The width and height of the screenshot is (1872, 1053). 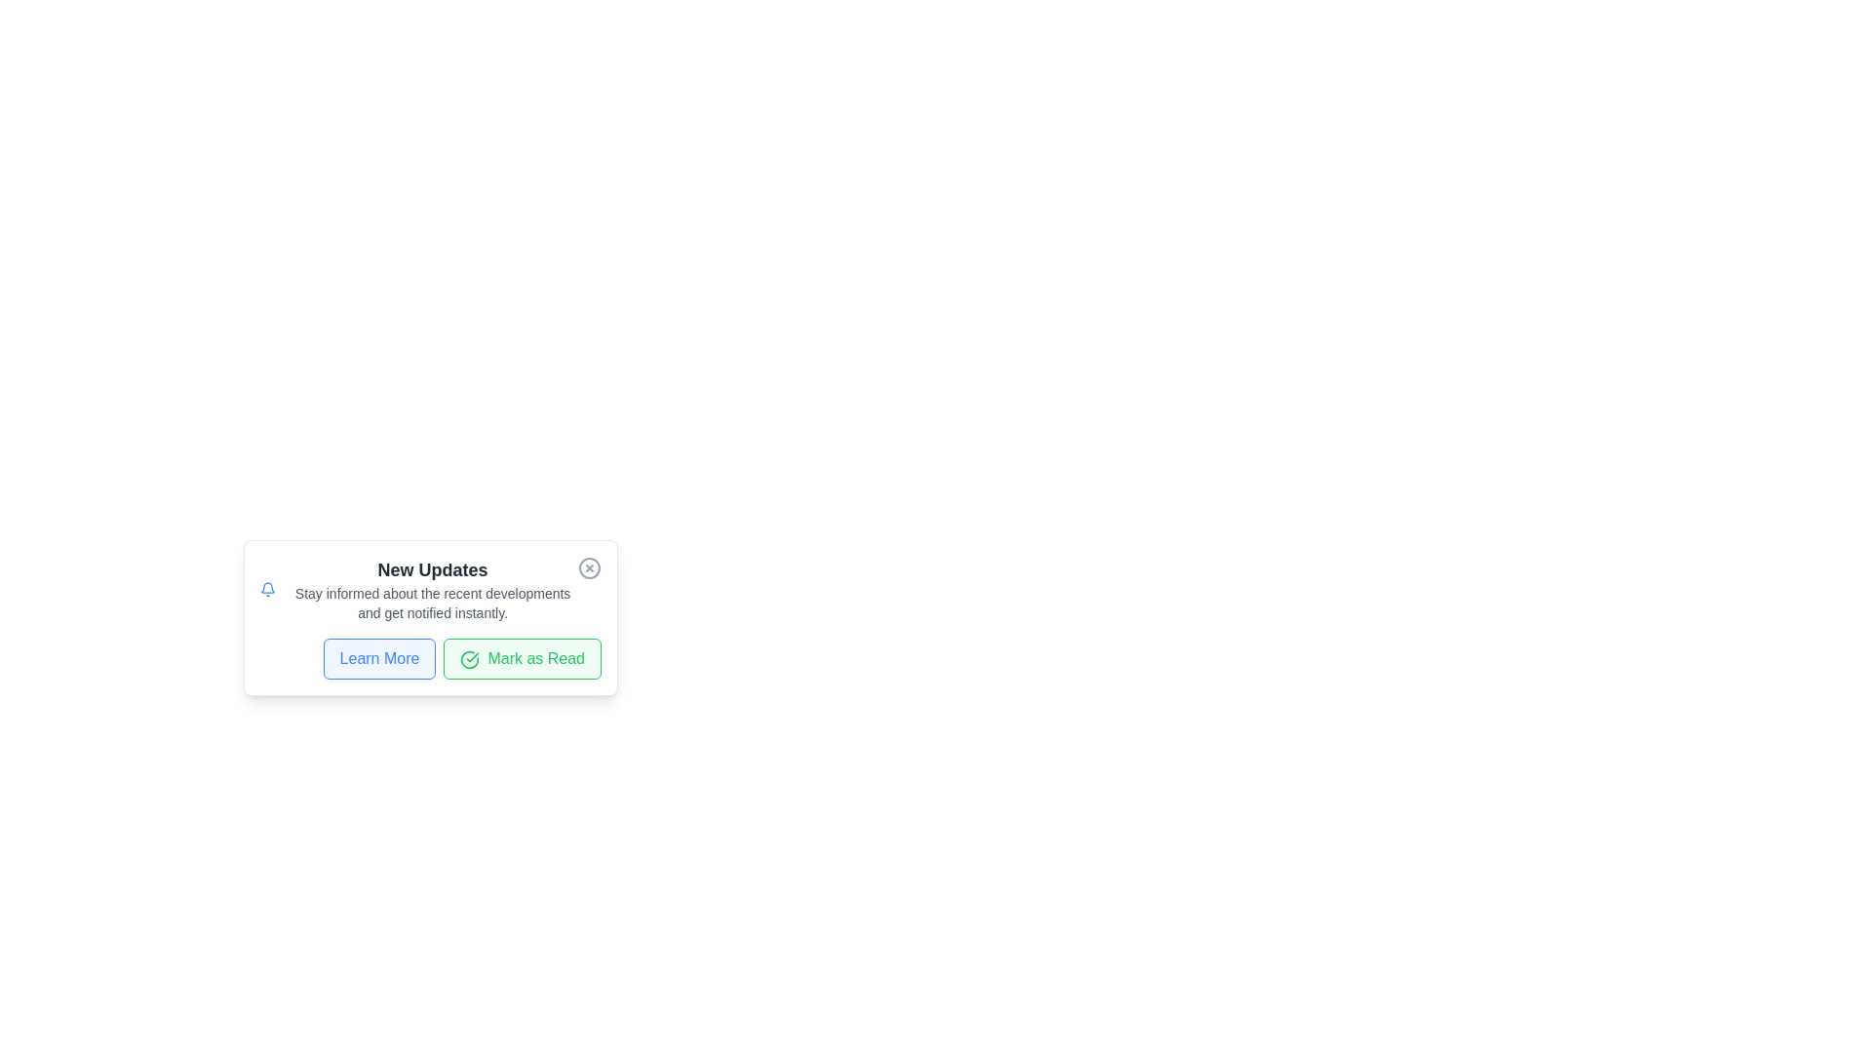 I want to click on the bottom part of the bell icon, which supports the notification feature in the modal notification element, so click(x=267, y=587).